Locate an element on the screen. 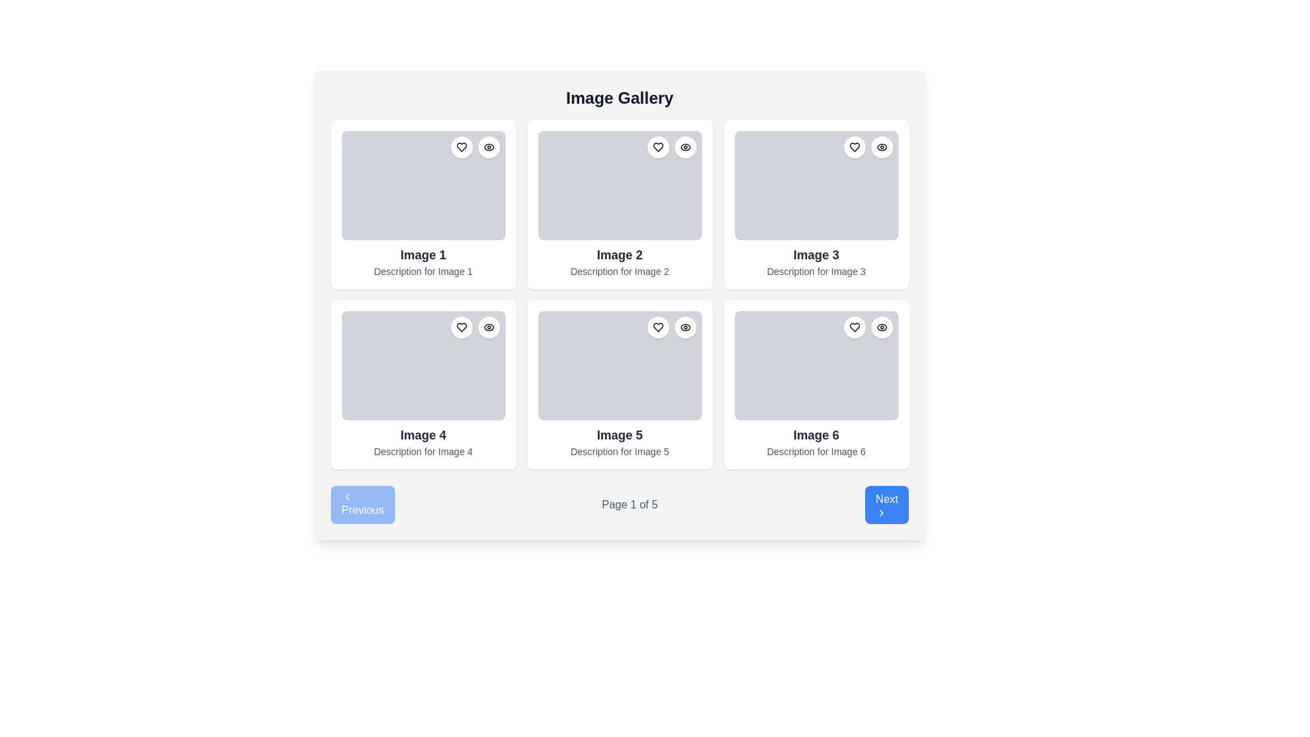 This screenshot has width=1310, height=737. the eye icon in the top-right corner of 'Image 6' is located at coordinates (882, 327).